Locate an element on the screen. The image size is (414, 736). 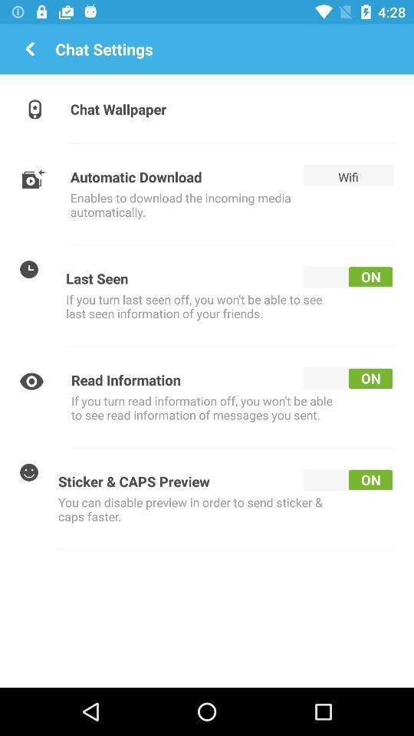
the third icon is located at coordinates (29, 269).